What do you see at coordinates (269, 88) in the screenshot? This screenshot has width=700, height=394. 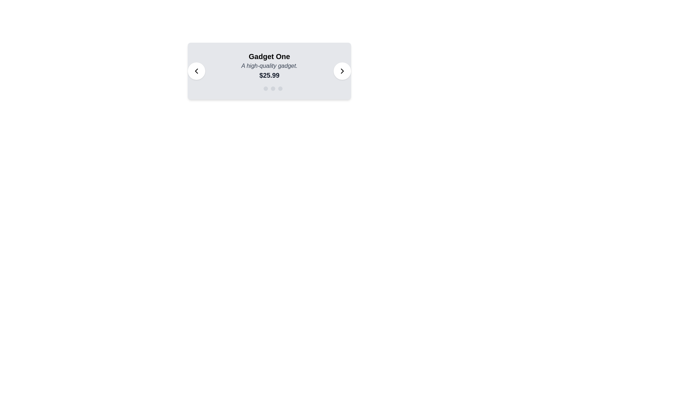 I see `the blue circle of the Carousel indicator to switch to the first carousel item` at bounding box center [269, 88].